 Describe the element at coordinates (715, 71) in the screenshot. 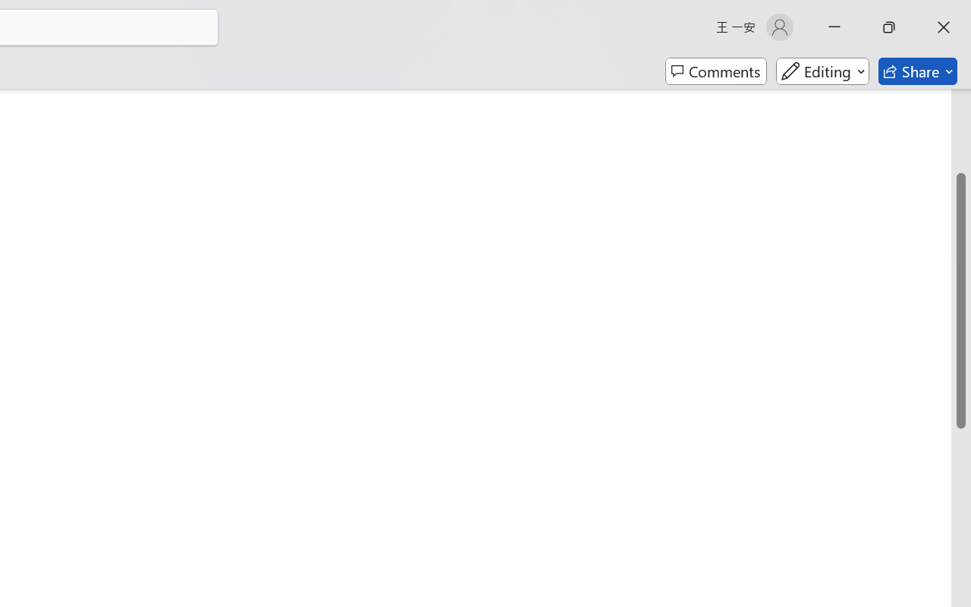

I see `'Comments'` at that location.